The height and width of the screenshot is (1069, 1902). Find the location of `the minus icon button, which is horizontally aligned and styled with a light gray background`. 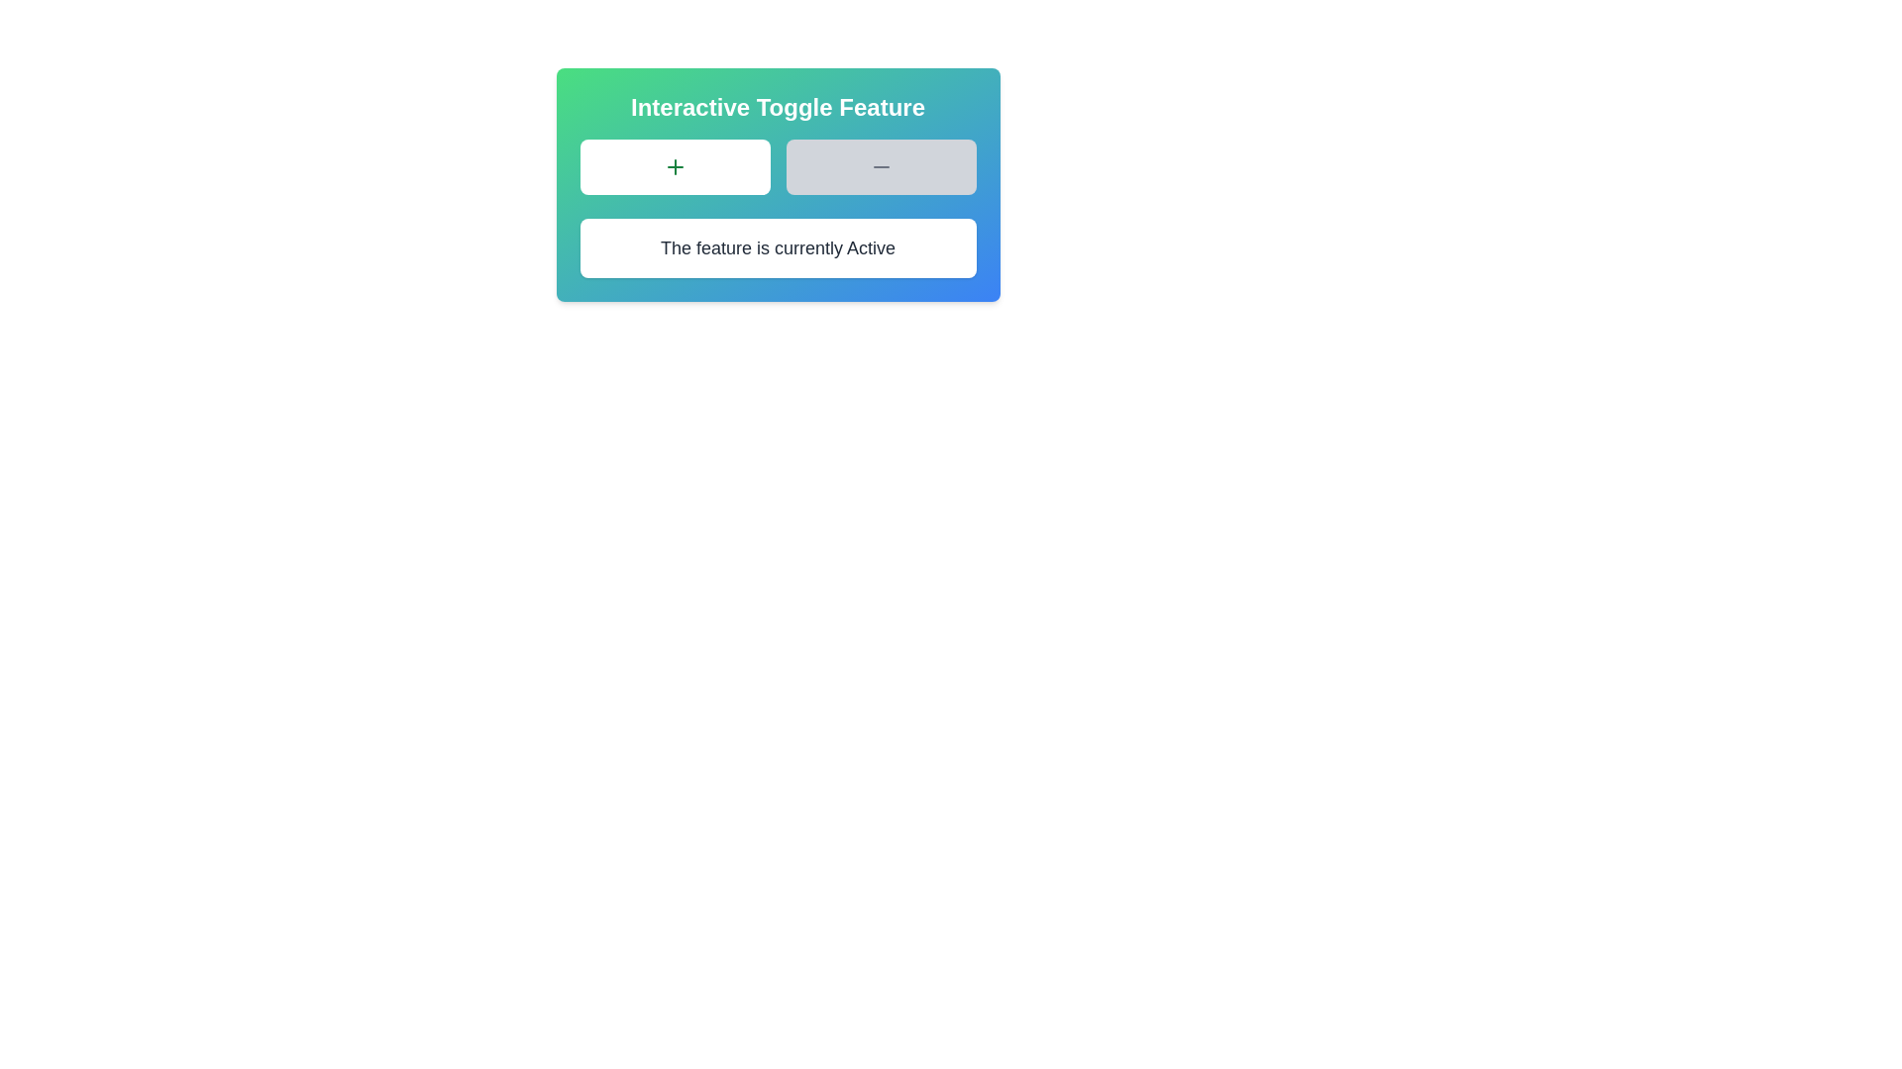

the minus icon button, which is horizontally aligned and styled with a light gray background is located at coordinates (880, 166).